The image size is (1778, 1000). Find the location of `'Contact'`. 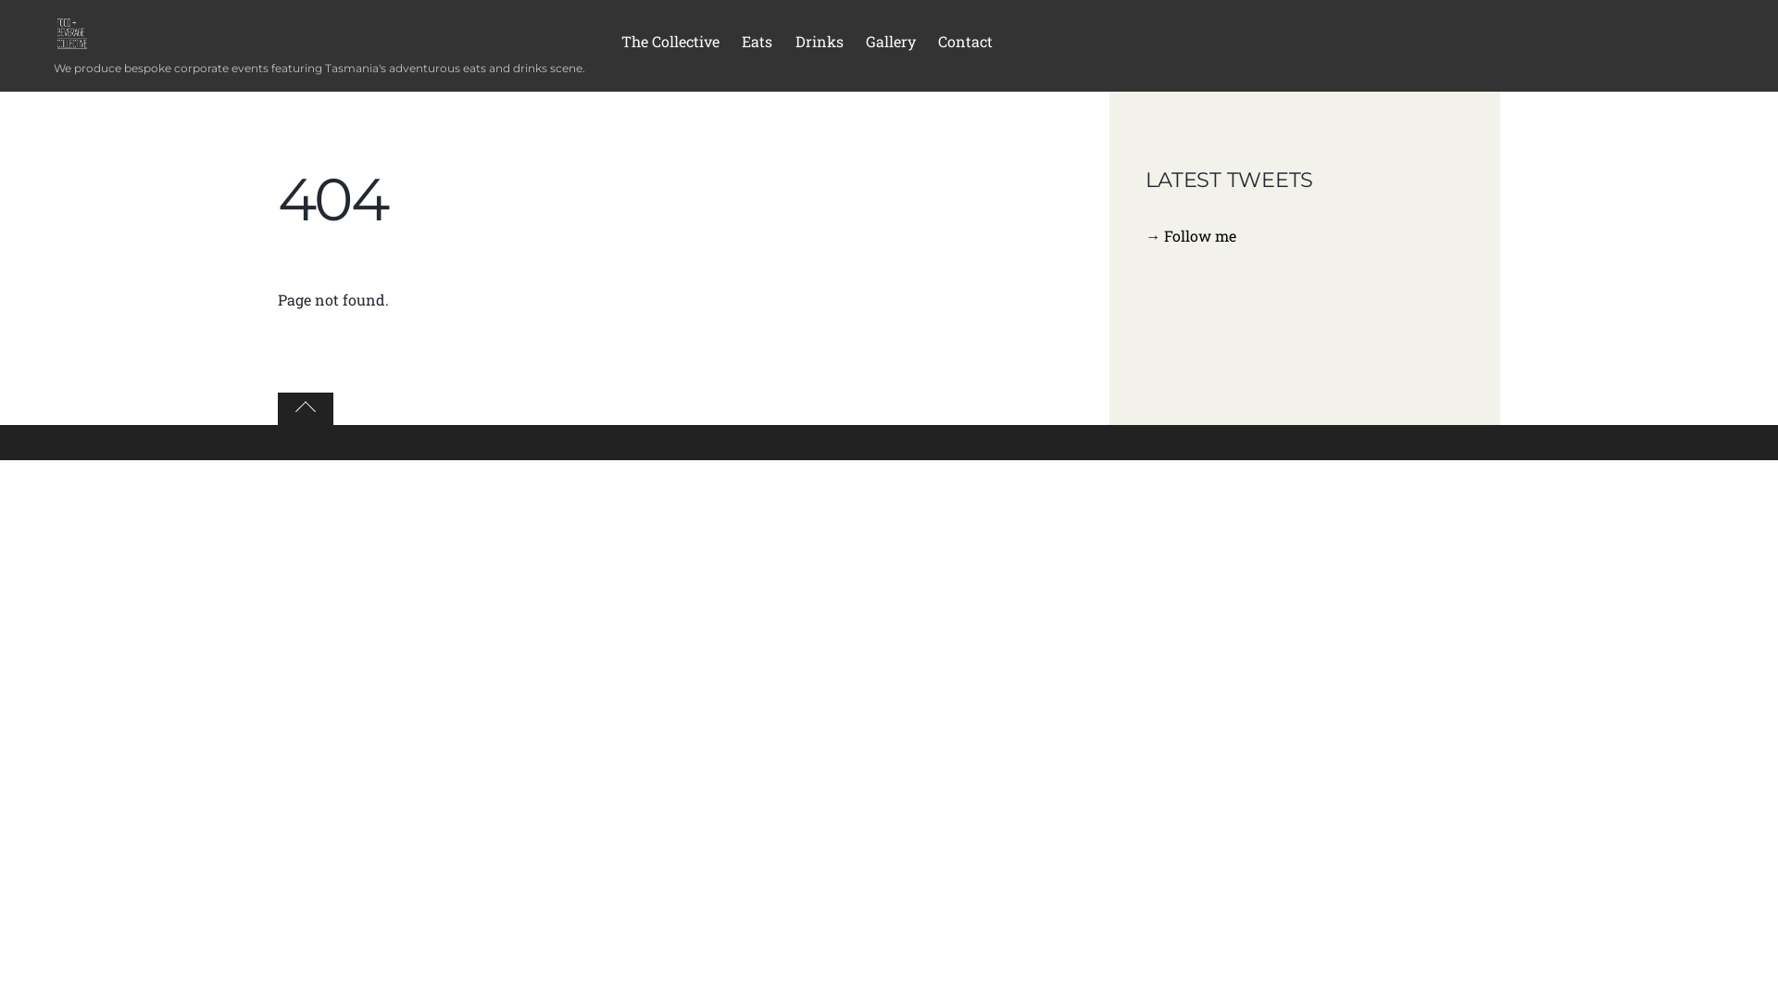

'Contact' is located at coordinates (964, 44).